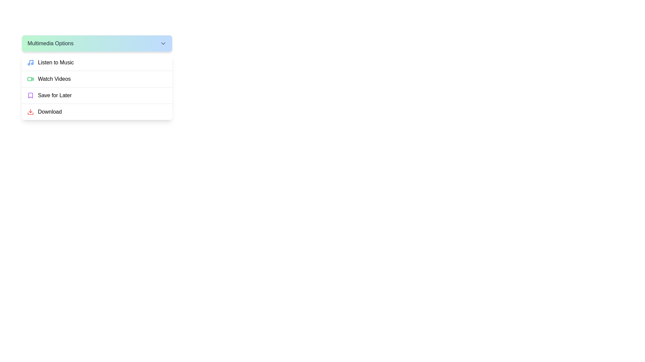 Image resolution: width=645 pixels, height=362 pixels. I want to click on the 'Save for Later' icon located to the left of the text label, so click(30, 96).